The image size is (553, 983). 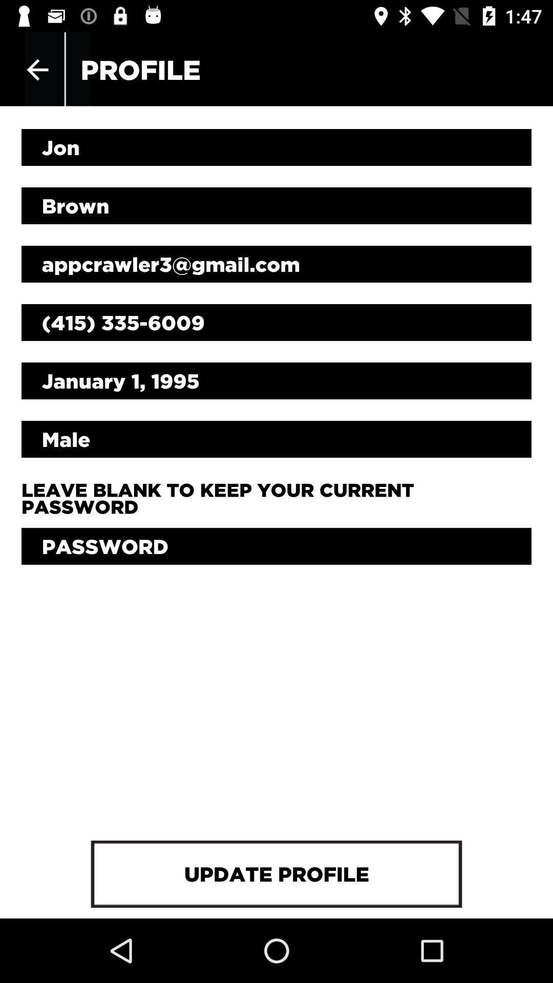 I want to click on the item next to profile icon, so click(x=37, y=69).